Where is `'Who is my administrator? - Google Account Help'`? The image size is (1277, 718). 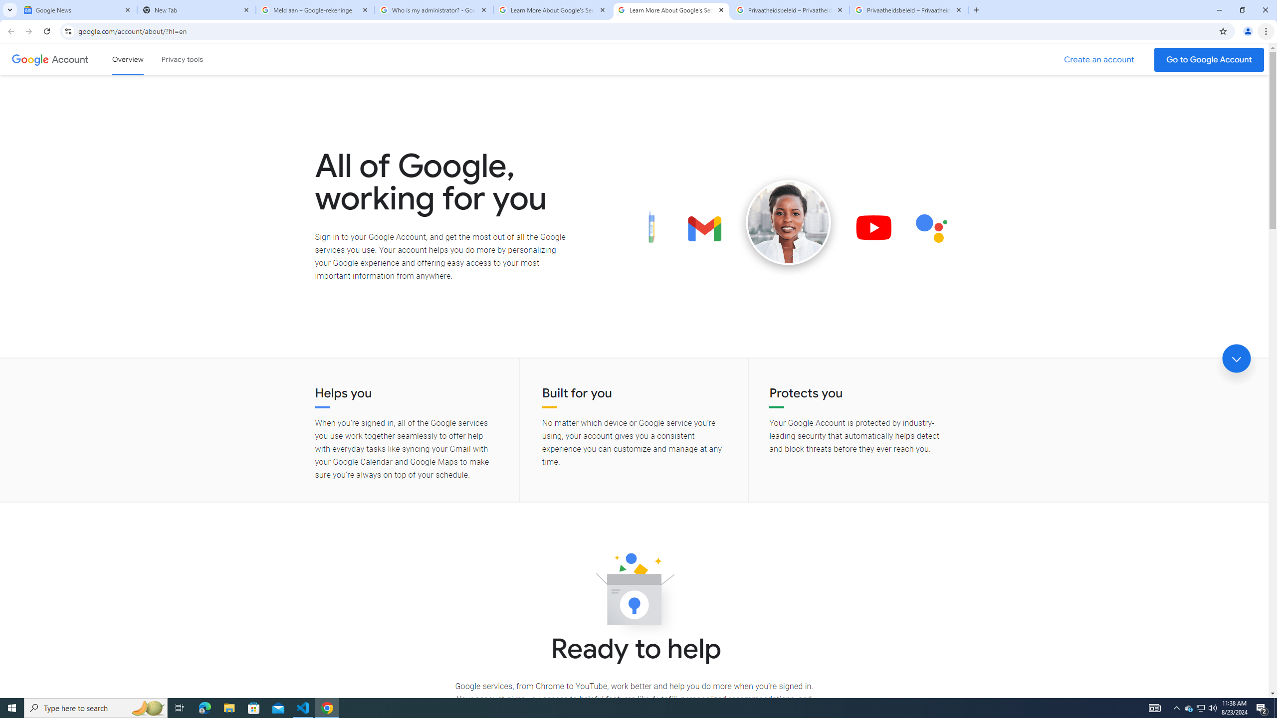
'Who is my administrator? - Google Account Help' is located at coordinates (433, 9).